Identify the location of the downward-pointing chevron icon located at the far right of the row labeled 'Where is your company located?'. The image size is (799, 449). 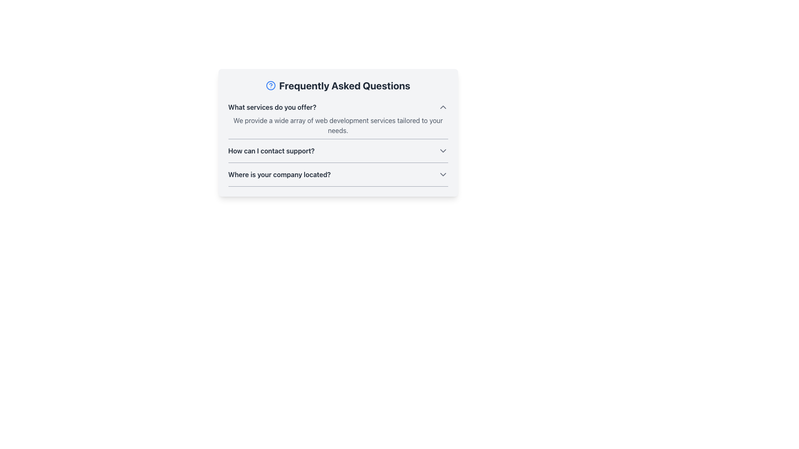
(442, 174).